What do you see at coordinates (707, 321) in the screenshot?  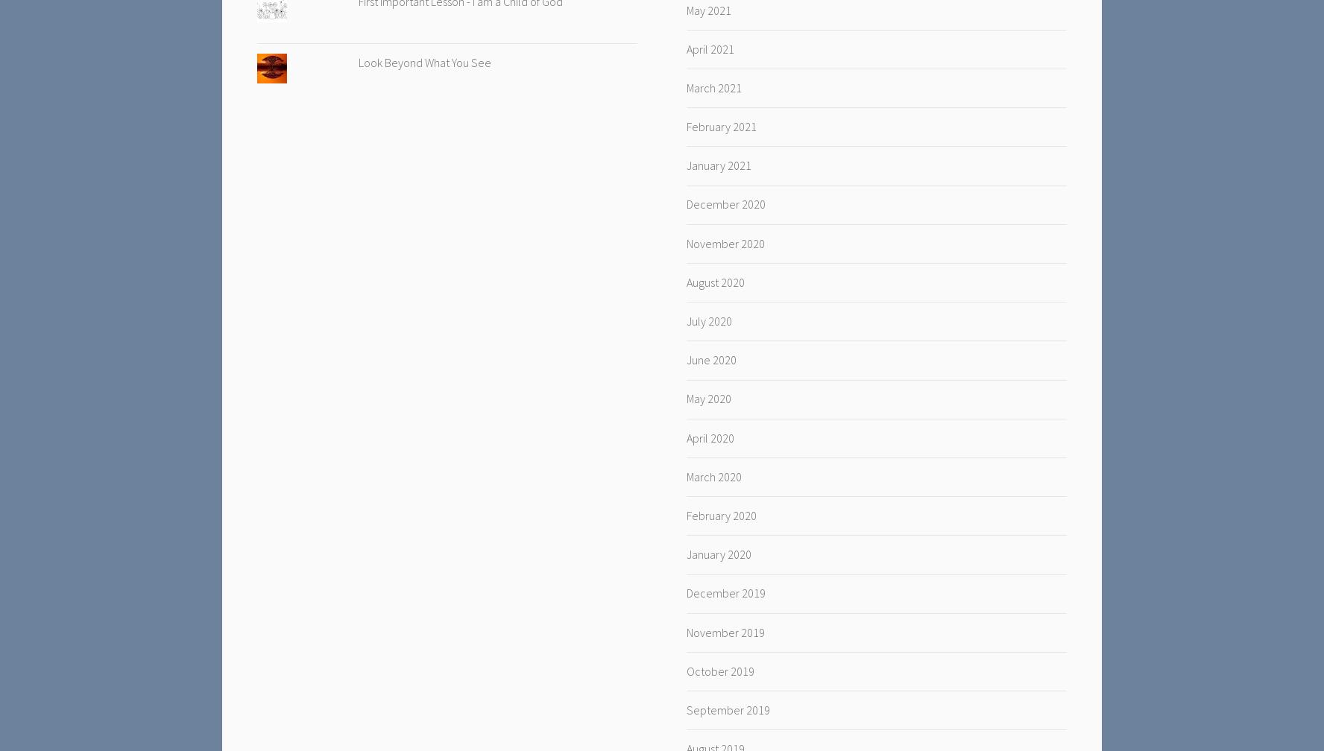 I see `'July 2020'` at bounding box center [707, 321].